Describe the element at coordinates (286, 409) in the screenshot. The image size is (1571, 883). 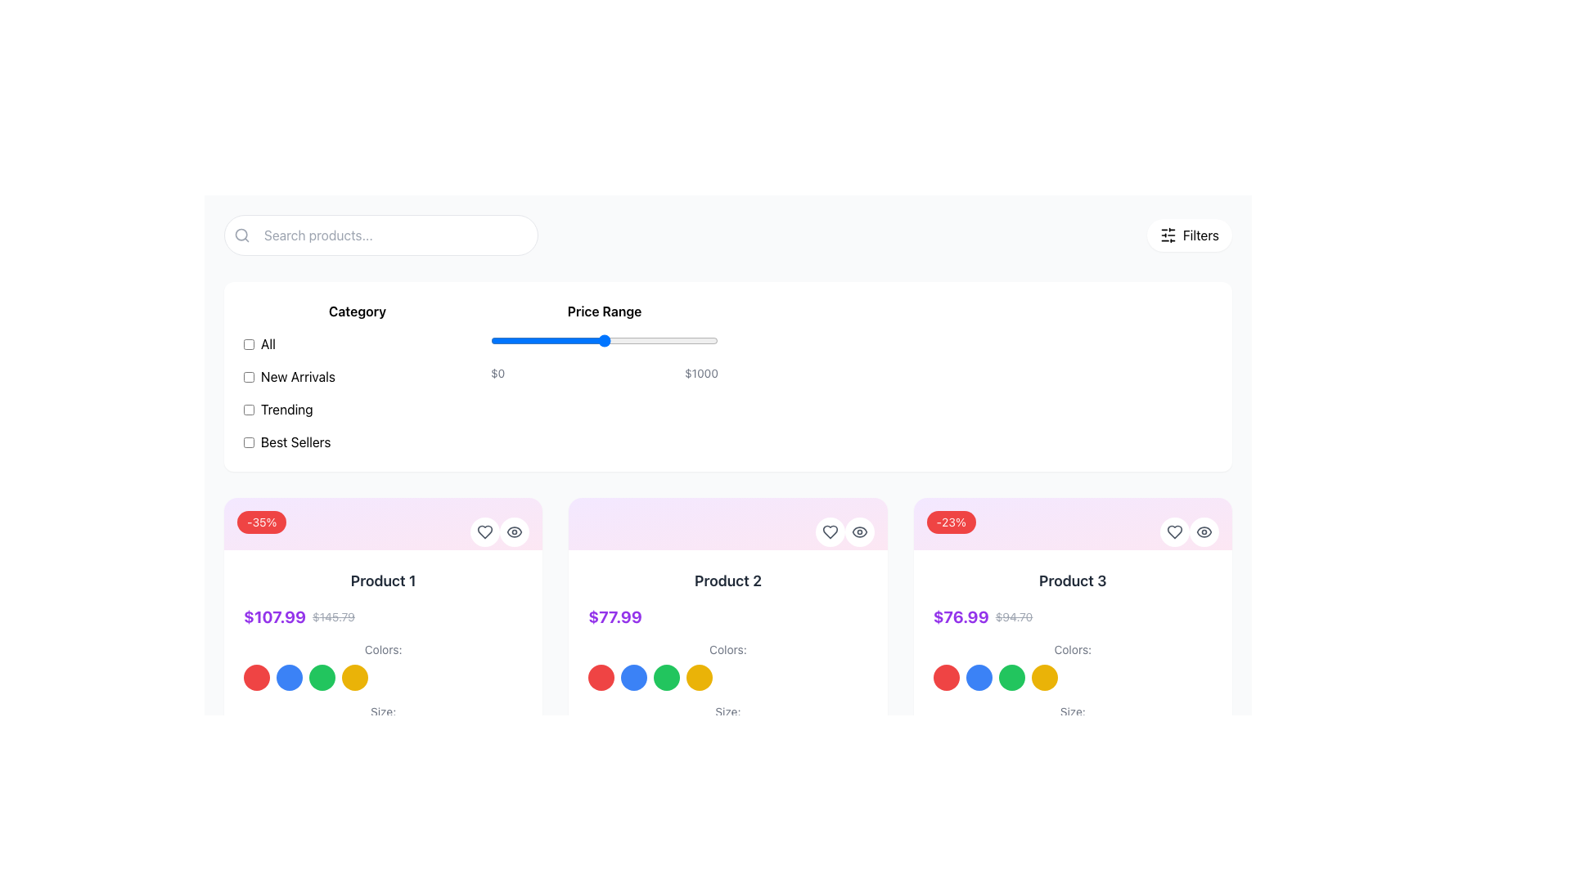
I see `the 'Trending' text label, which serves as a filter option accompanied by a checkbox` at that location.